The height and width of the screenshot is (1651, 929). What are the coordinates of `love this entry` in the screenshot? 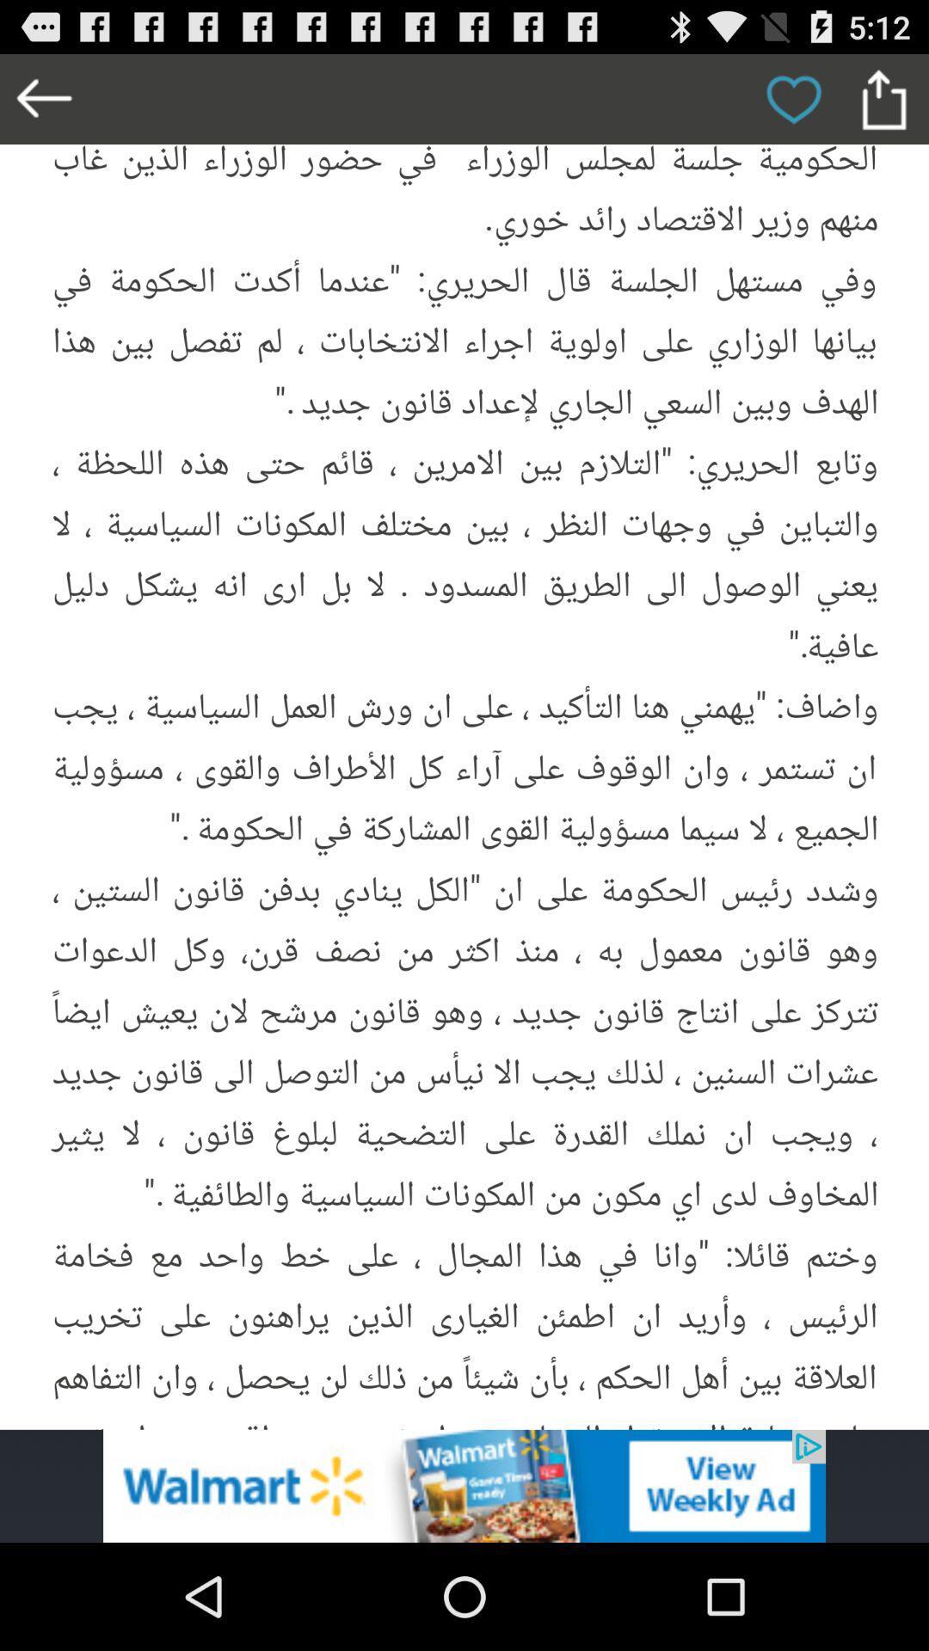 It's located at (793, 98).